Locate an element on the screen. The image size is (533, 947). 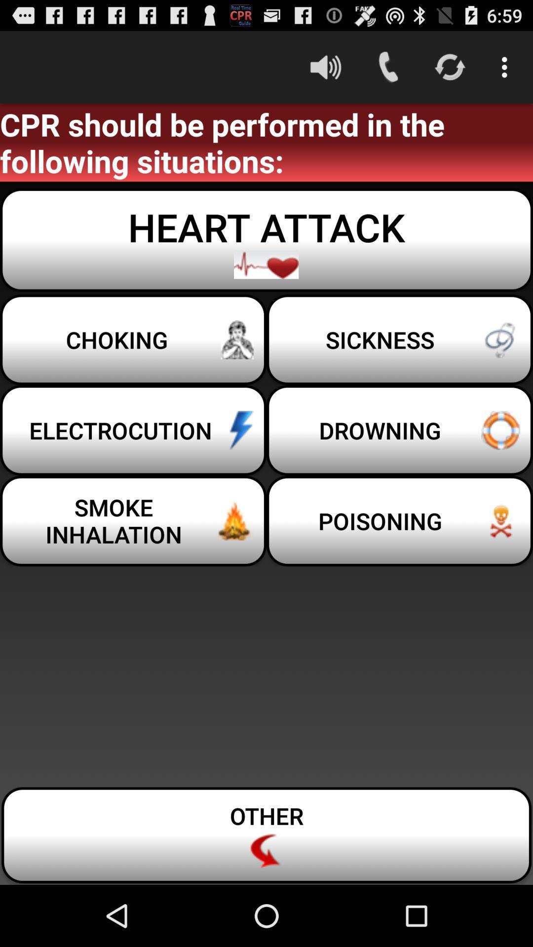
the smoke inhalation icon is located at coordinates (133, 520).